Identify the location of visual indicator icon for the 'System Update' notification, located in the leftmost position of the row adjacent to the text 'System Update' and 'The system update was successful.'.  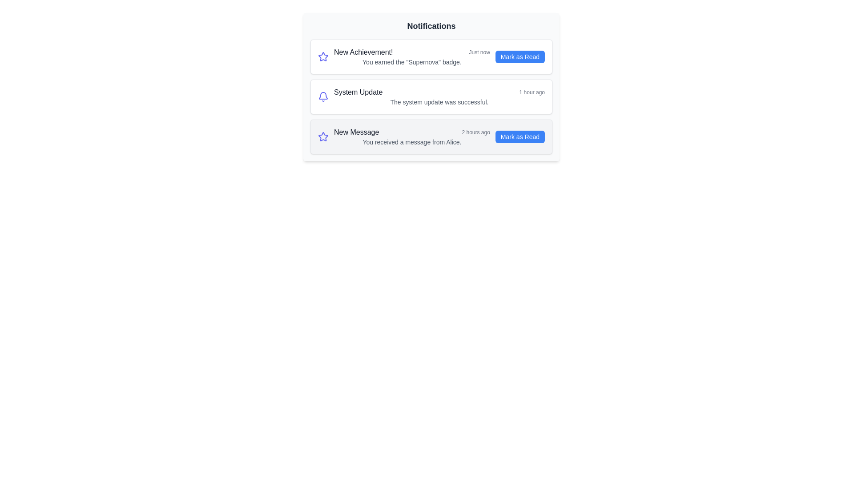
(322, 97).